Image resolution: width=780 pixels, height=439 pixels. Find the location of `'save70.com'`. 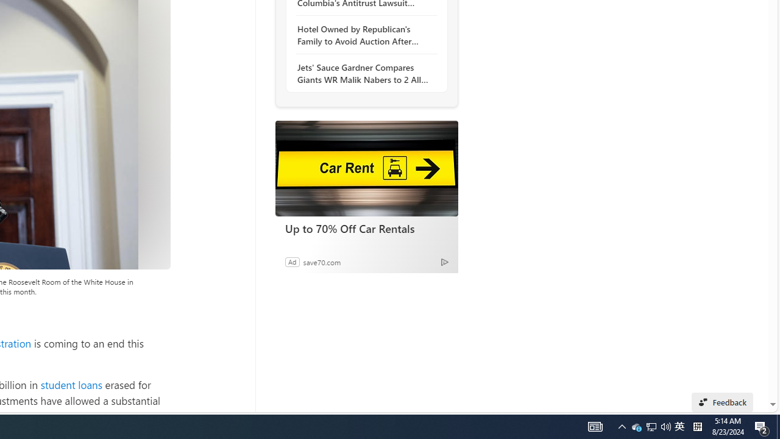

'save70.com' is located at coordinates (322, 261).